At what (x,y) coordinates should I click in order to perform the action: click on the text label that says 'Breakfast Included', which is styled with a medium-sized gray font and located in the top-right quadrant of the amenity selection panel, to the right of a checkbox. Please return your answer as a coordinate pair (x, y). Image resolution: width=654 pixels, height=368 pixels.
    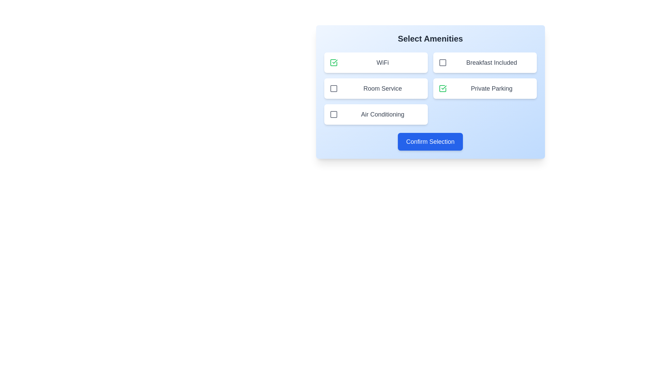
    Looking at the image, I should click on (492, 63).